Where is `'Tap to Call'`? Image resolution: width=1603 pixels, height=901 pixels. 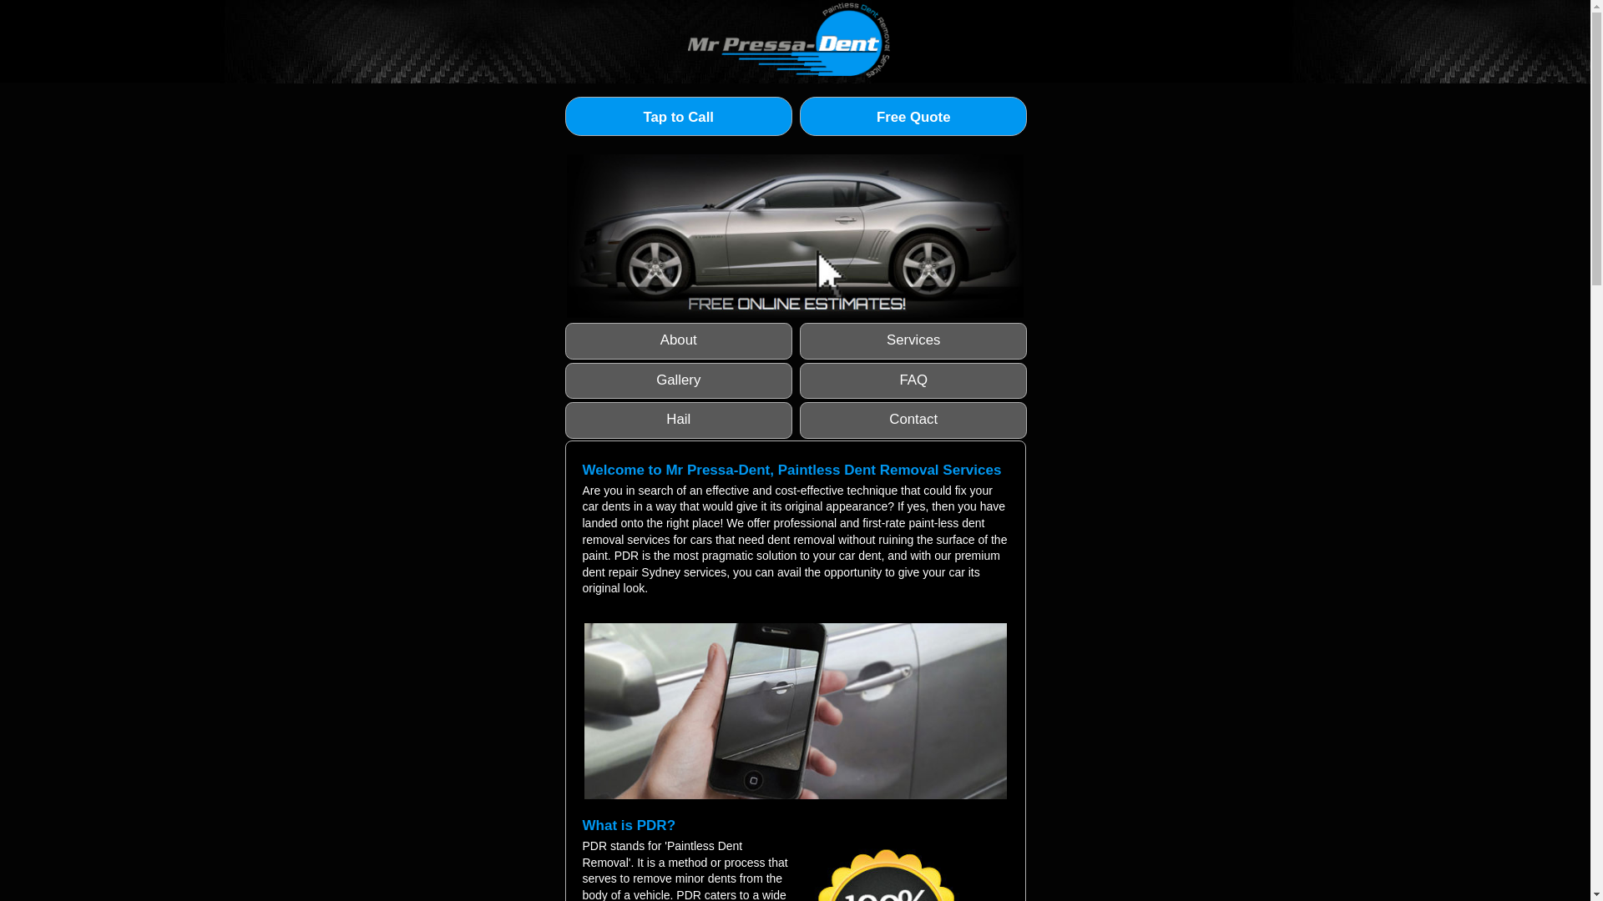 'Tap to Call' is located at coordinates (677, 115).